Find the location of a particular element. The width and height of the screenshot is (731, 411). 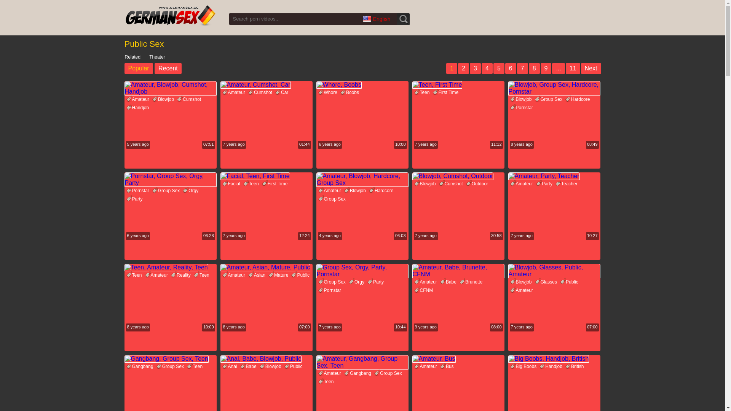

'Facial' is located at coordinates (231, 183).